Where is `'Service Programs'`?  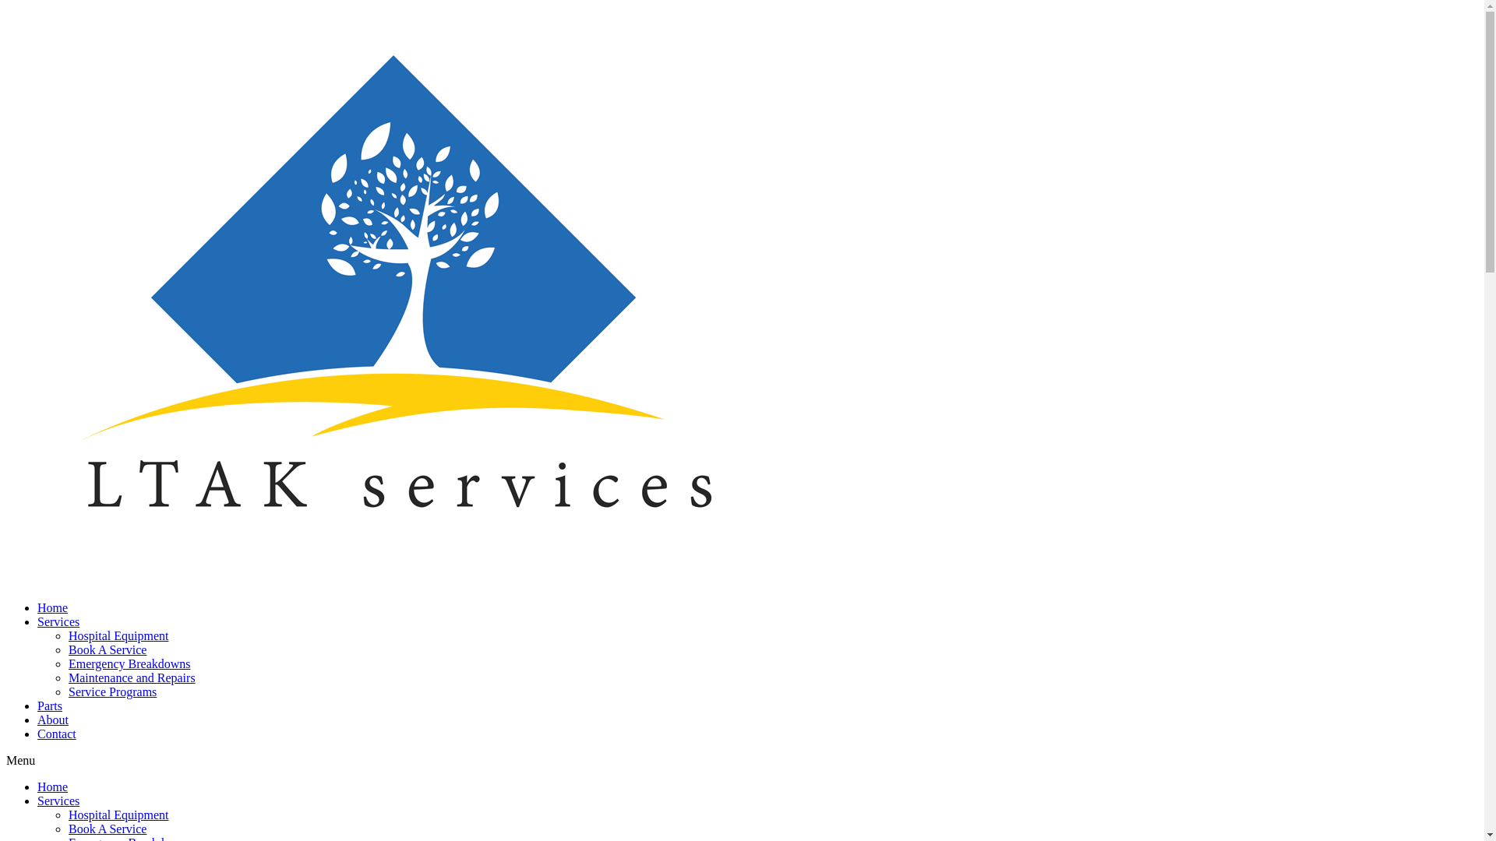
'Service Programs' is located at coordinates (111, 691).